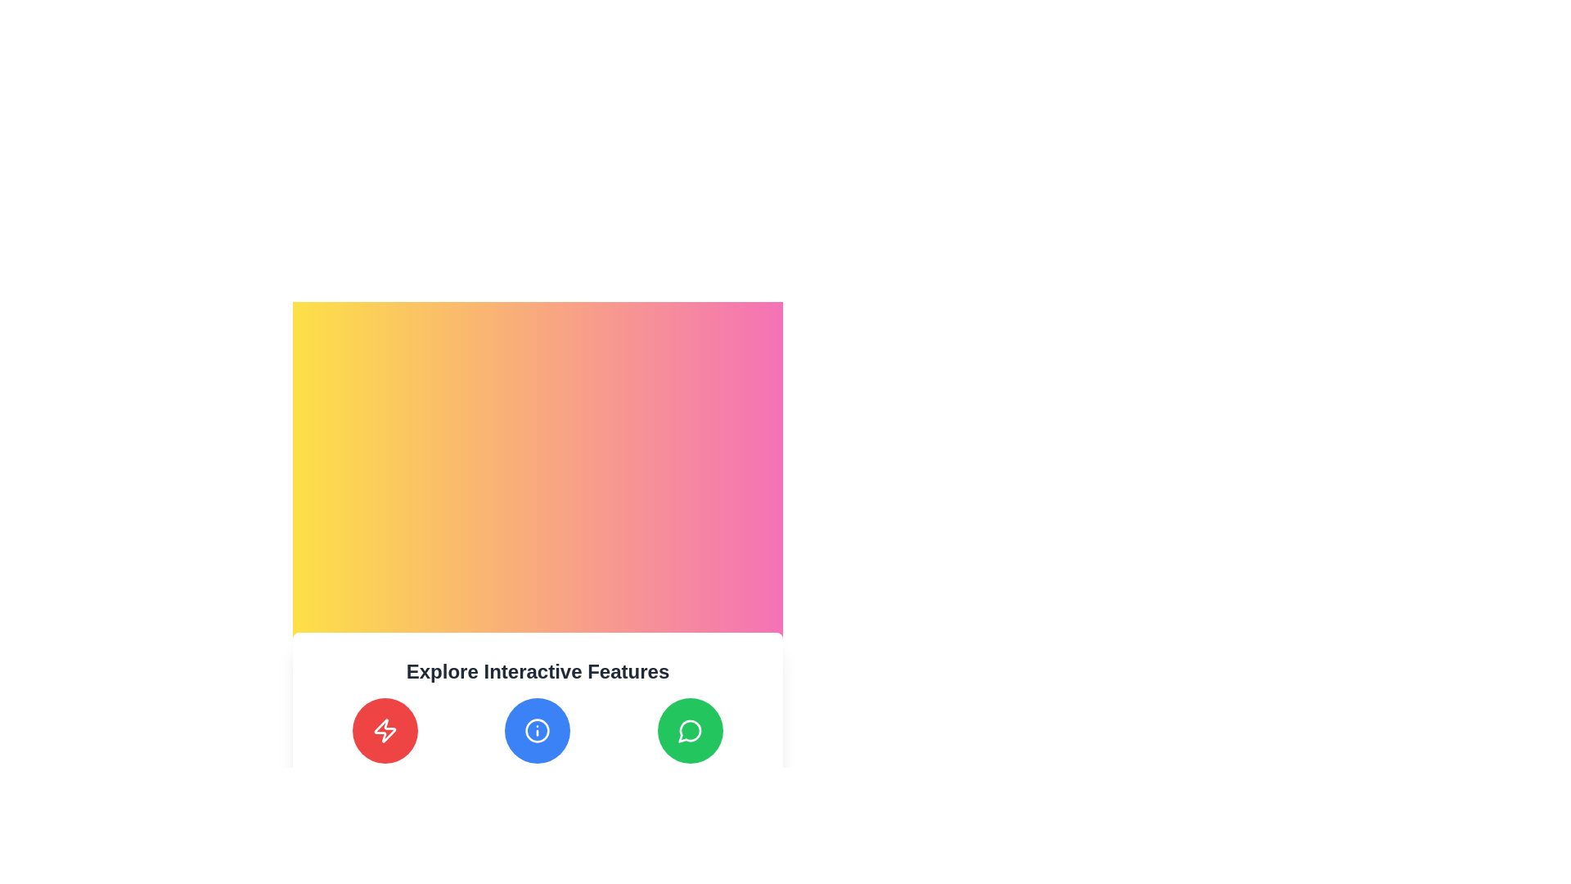 The image size is (1571, 884). I want to click on the stylized lightning bolt icon within the circular red button located to the far left of the horizontal row of buttons below the 'Explore Interactive Features' text prompt, so click(385, 730).